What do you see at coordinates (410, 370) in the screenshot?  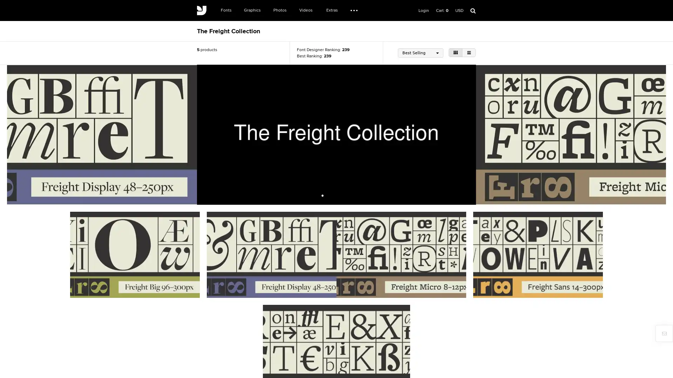 I see `Register` at bounding box center [410, 370].